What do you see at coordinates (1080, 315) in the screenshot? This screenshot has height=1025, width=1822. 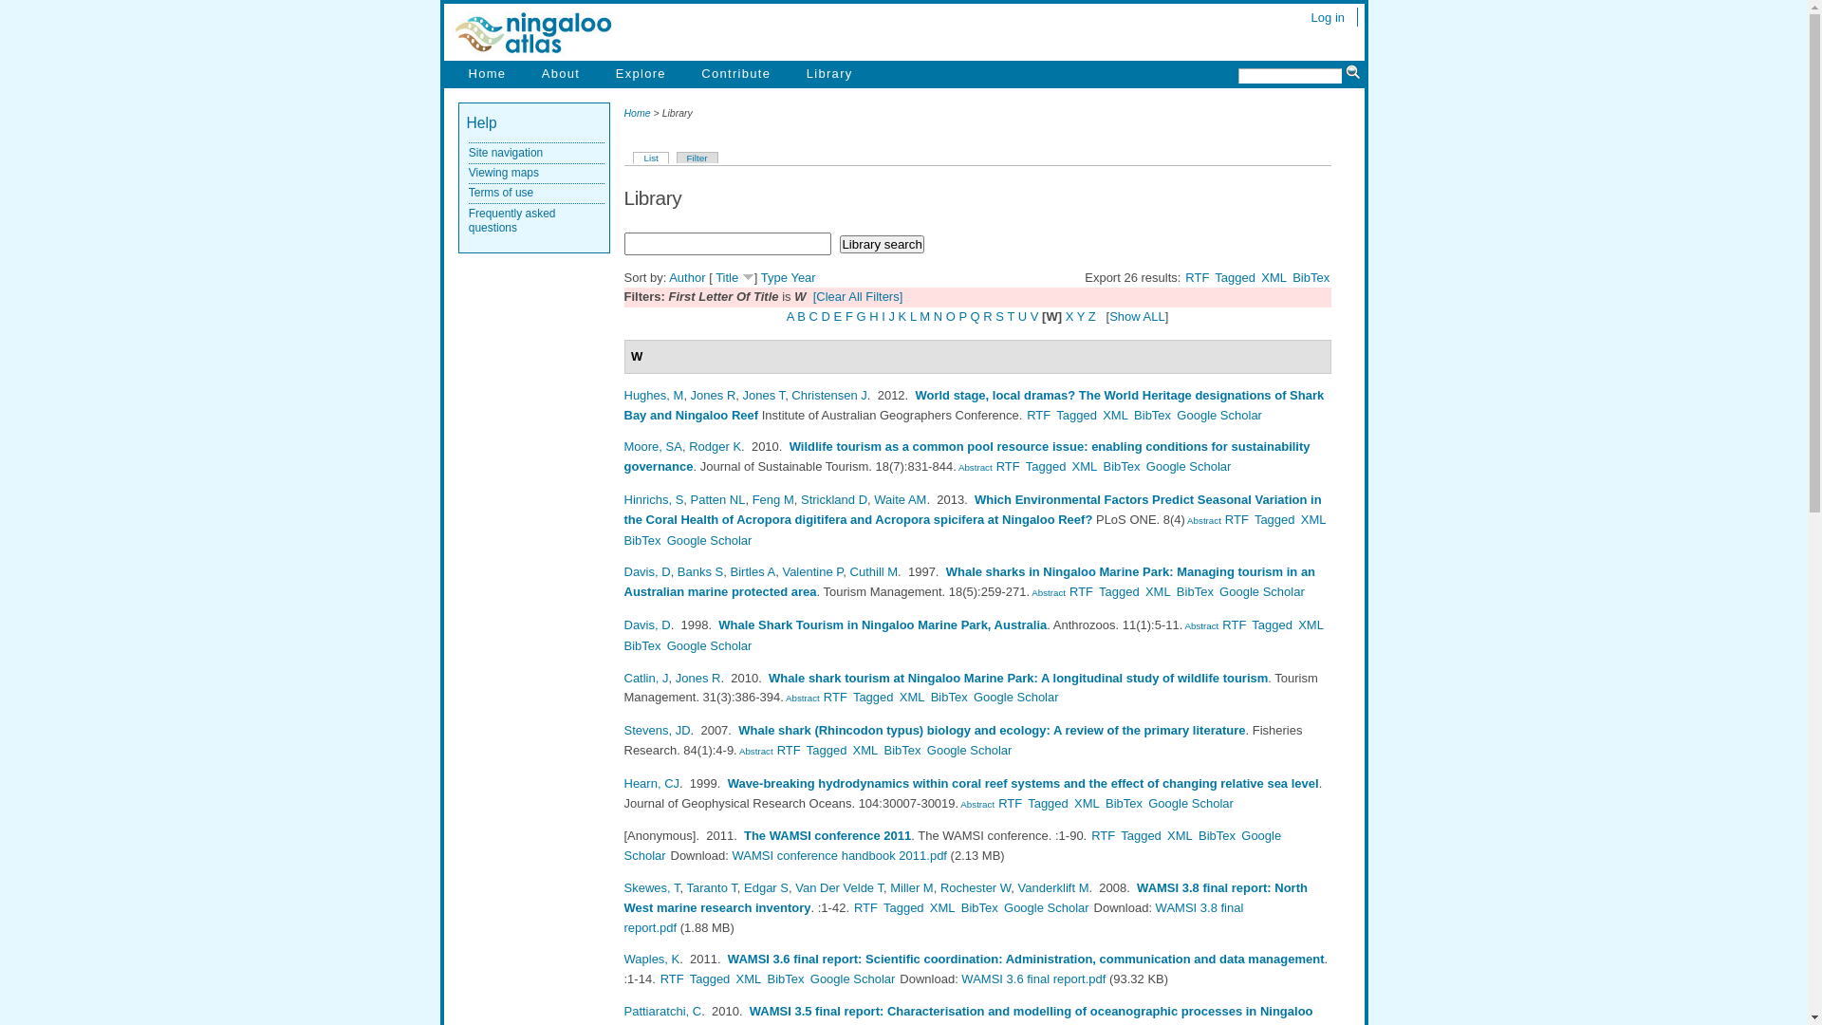 I see `'Y'` at bounding box center [1080, 315].